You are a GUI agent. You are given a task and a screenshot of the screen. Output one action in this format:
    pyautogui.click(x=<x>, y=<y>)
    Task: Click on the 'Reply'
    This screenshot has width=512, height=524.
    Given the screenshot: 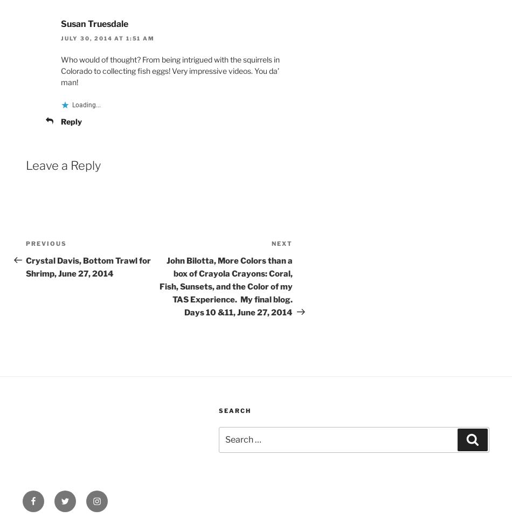 What is the action you would take?
    pyautogui.click(x=71, y=120)
    